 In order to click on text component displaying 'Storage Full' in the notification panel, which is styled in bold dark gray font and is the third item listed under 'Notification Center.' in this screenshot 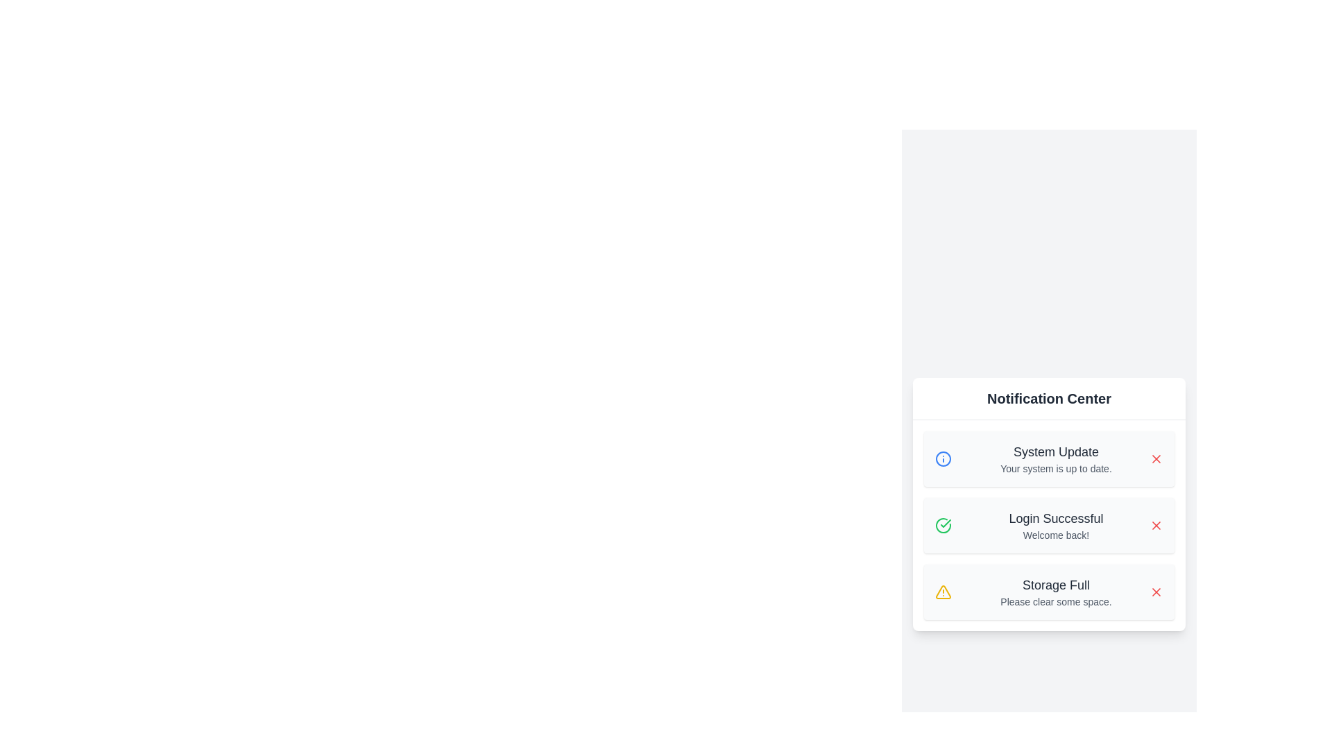, I will do `click(1055, 585)`.